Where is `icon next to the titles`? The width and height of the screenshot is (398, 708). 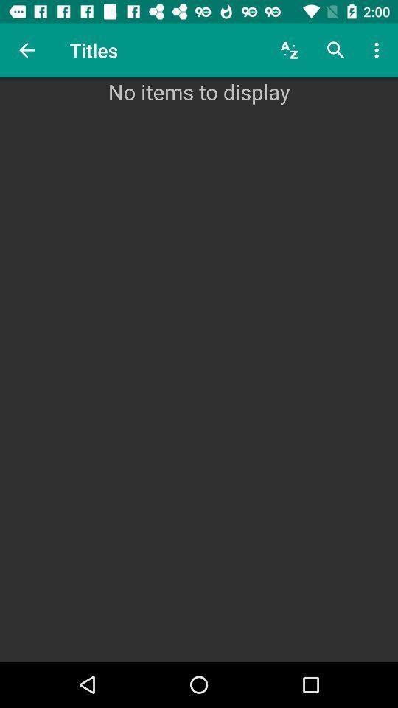 icon next to the titles is located at coordinates (27, 50).